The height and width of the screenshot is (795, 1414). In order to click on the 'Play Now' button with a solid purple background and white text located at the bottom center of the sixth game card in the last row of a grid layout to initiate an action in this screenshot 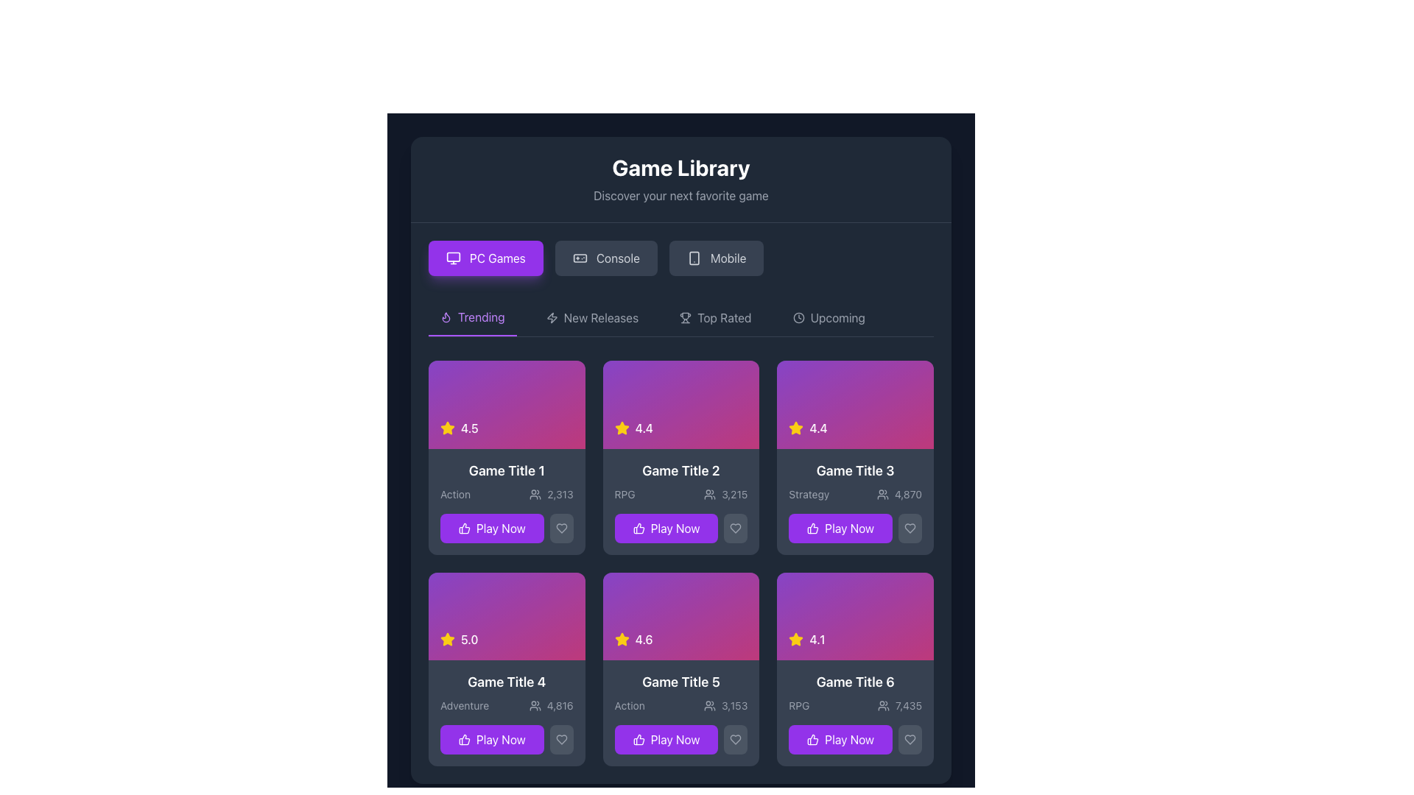, I will do `click(840, 740)`.